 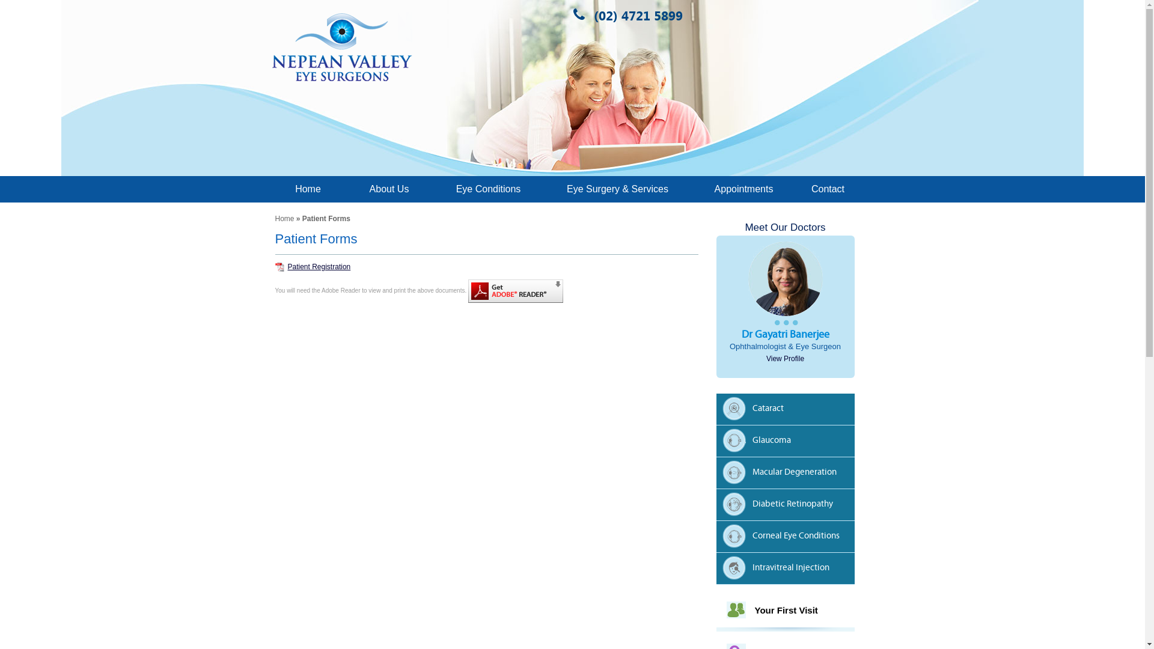 I want to click on 'Intravitreal Injection', so click(x=788, y=569).